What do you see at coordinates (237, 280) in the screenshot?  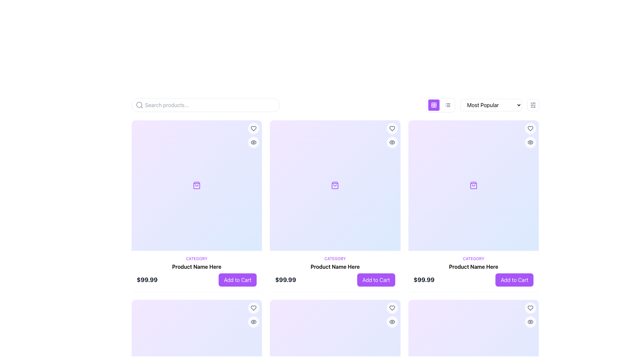 I see `the button located to the right of the price element '$99.99' in the bottom section of the product card` at bounding box center [237, 280].